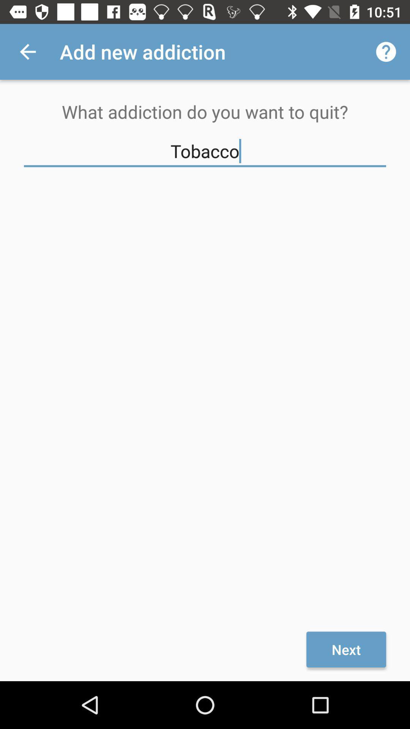 This screenshot has height=729, width=410. I want to click on icon below the what addiction do icon, so click(205, 151).